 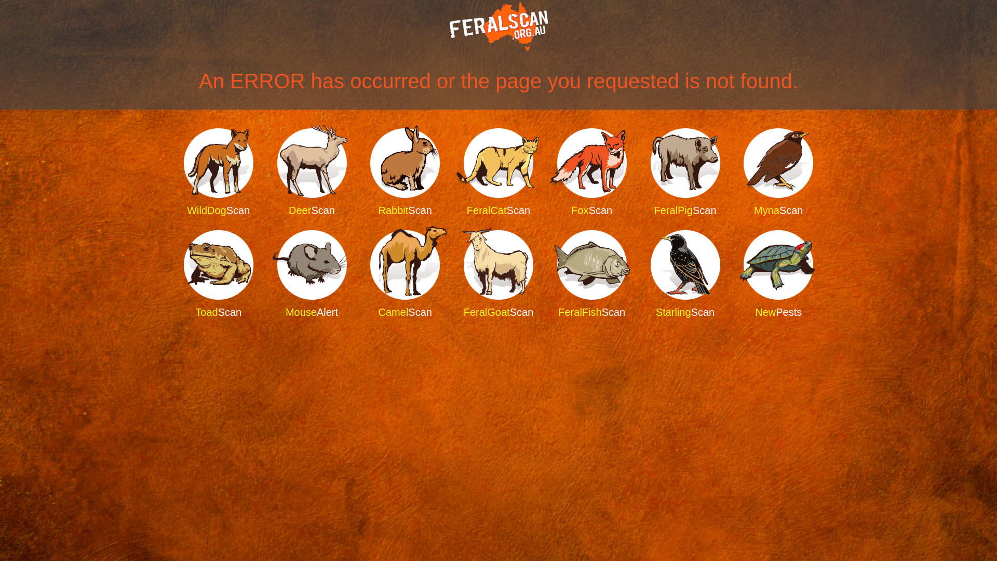 I want to click on 'RabbitScan', so click(x=359, y=172).